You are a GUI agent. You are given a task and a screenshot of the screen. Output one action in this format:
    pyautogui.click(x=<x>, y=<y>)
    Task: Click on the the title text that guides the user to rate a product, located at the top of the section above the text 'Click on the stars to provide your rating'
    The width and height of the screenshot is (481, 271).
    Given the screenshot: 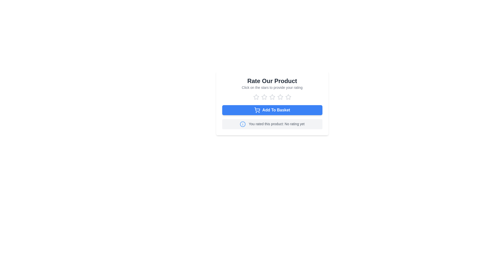 What is the action you would take?
    pyautogui.click(x=272, y=81)
    